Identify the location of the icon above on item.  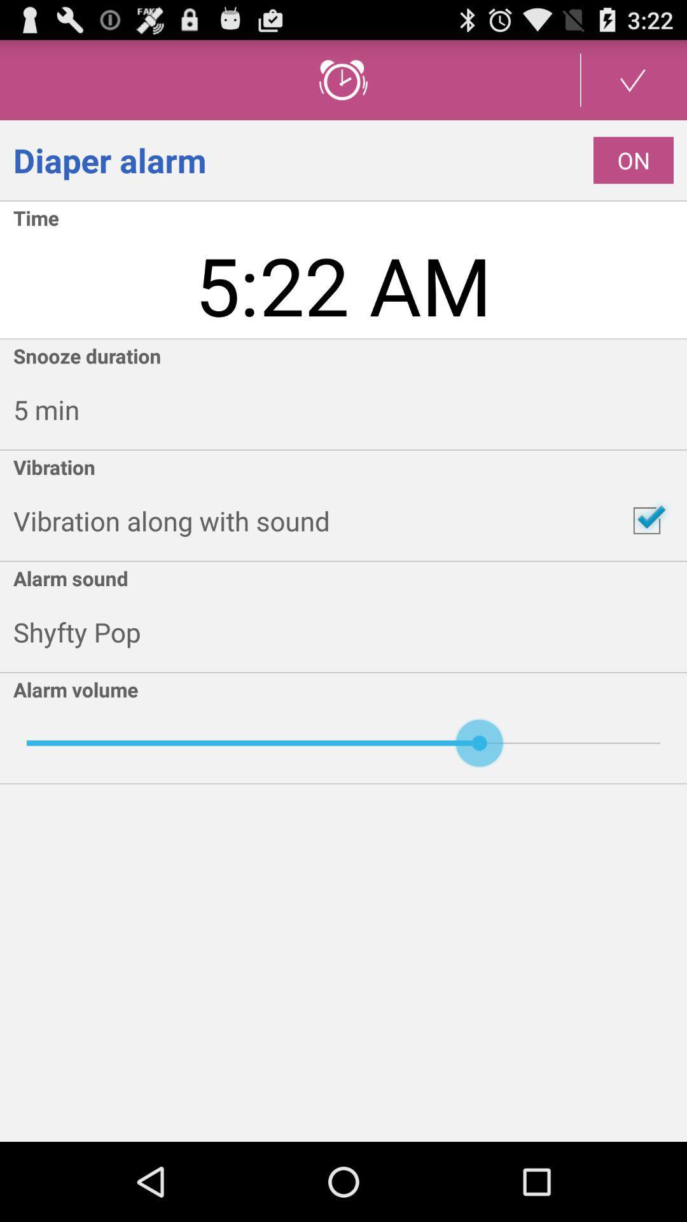
(633, 79).